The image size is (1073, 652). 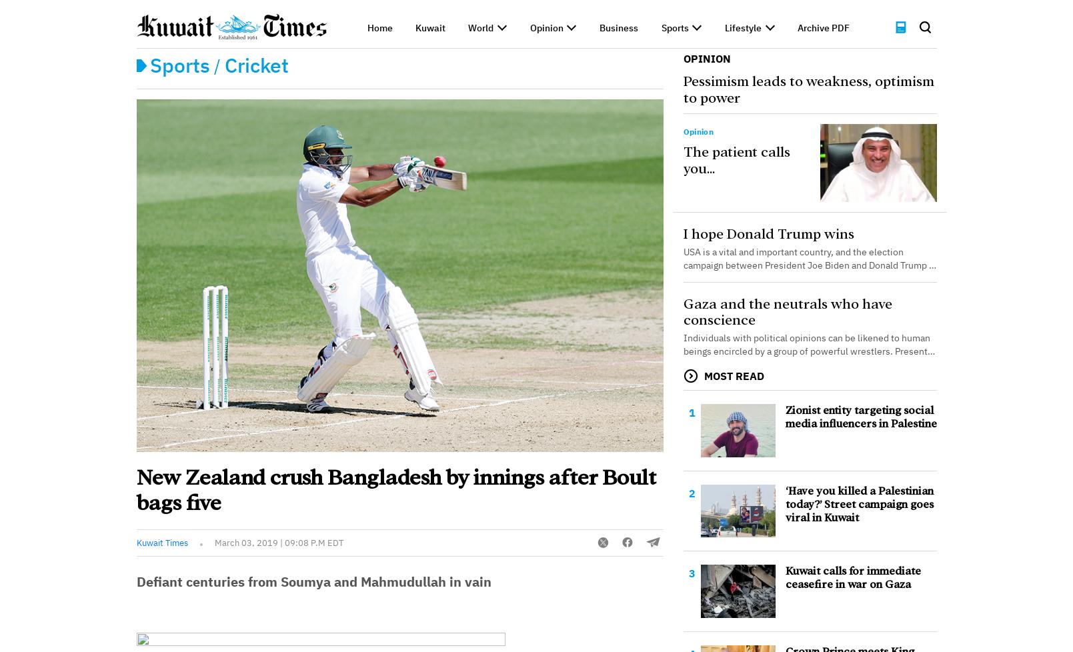 What do you see at coordinates (688, 412) in the screenshot?
I see `'1'` at bounding box center [688, 412].